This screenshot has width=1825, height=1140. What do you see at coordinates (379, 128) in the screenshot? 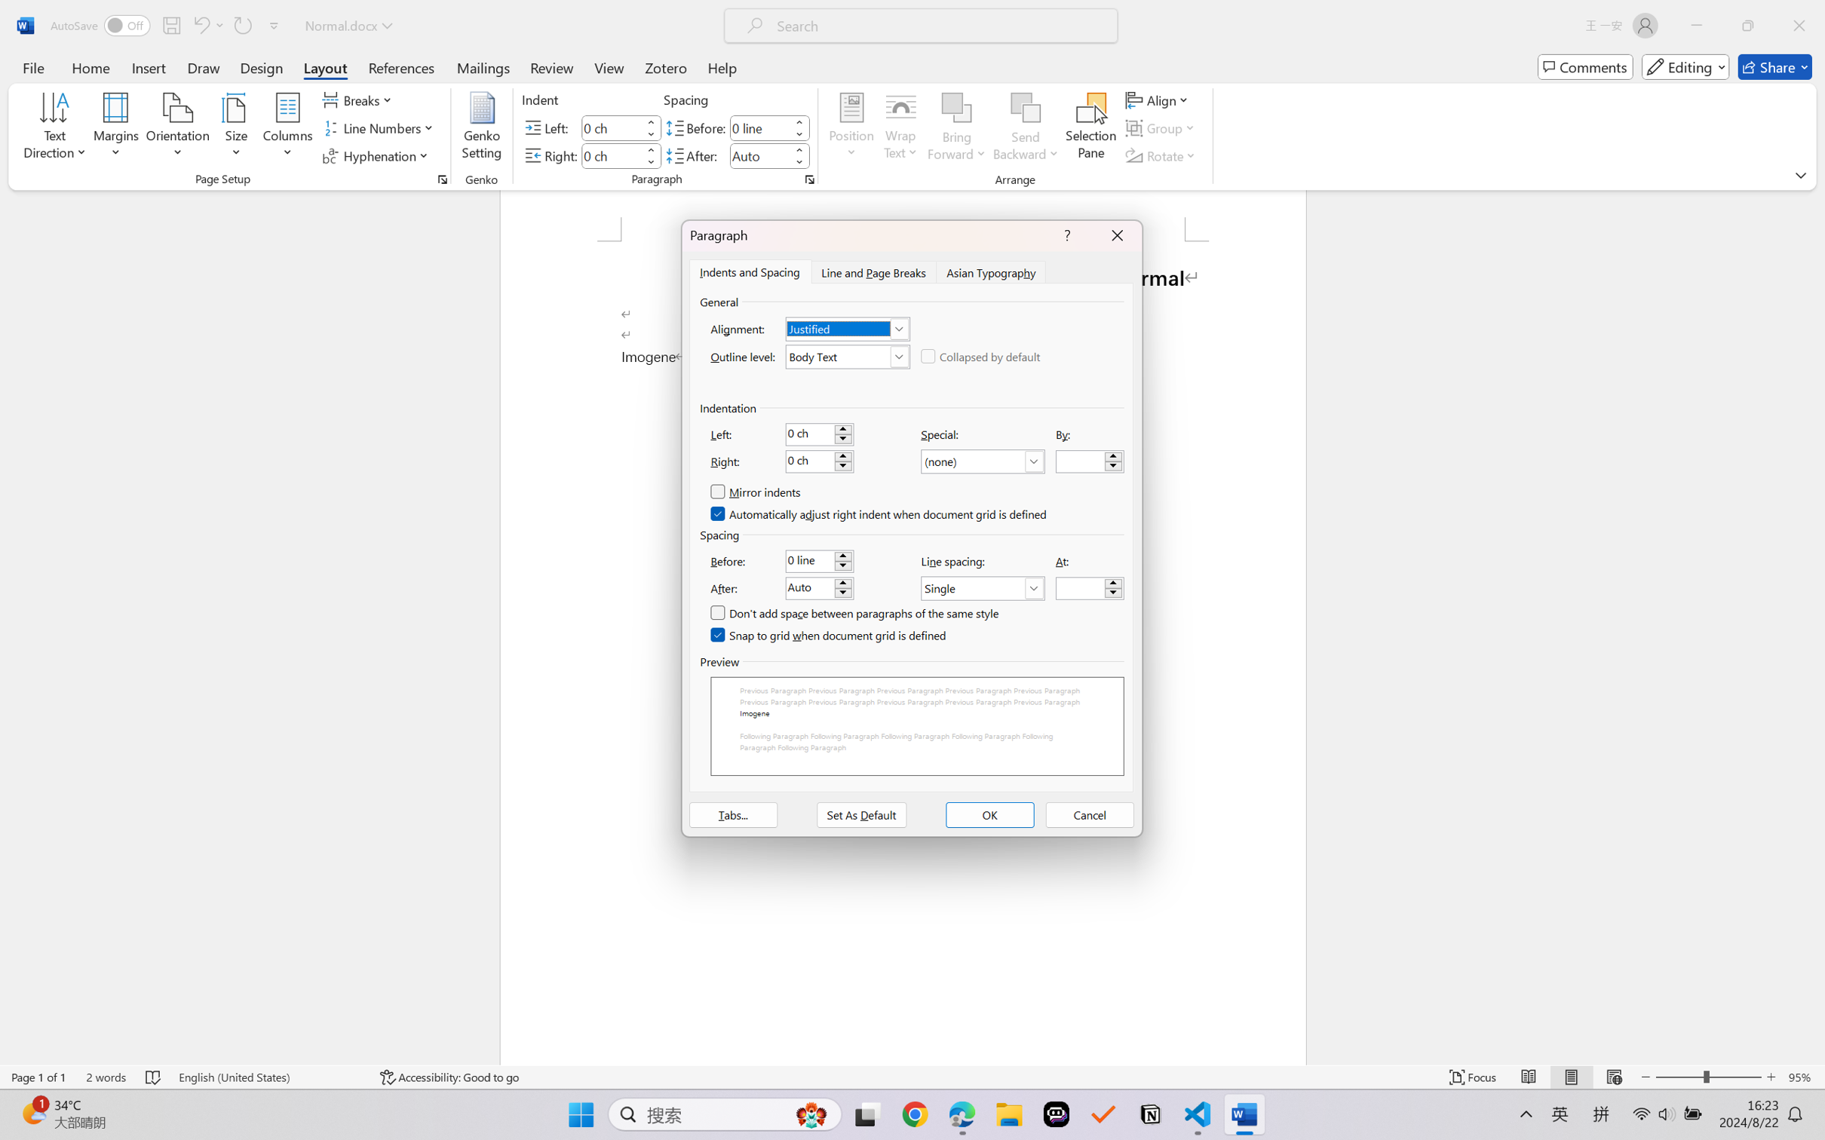
I see `'Line Numbers'` at bounding box center [379, 128].